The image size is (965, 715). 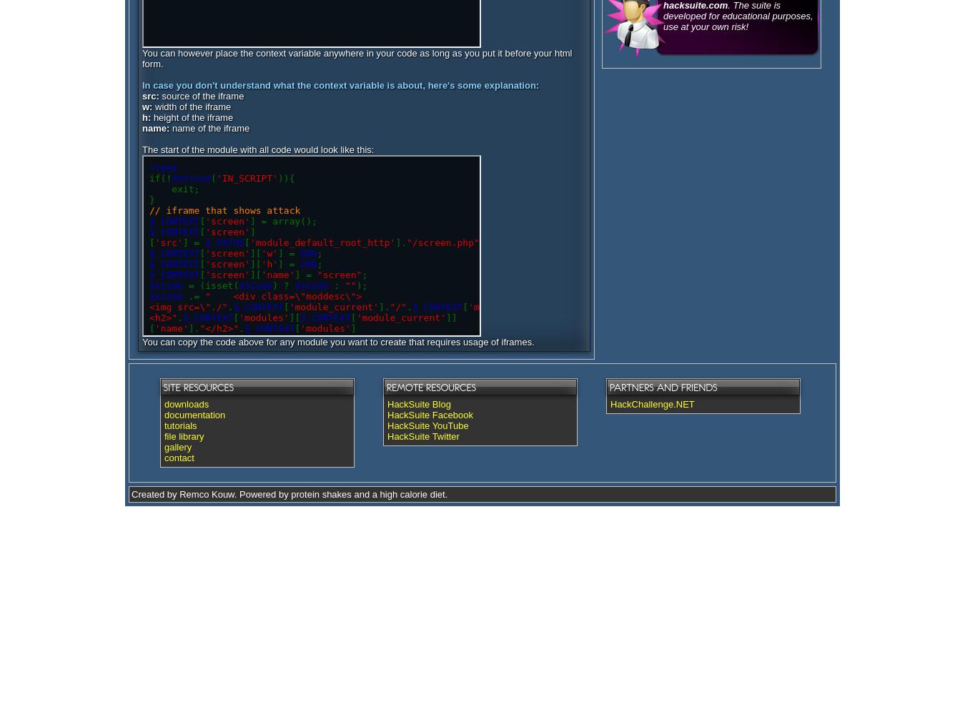 What do you see at coordinates (185, 403) in the screenshot?
I see `'downloads'` at bounding box center [185, 403].